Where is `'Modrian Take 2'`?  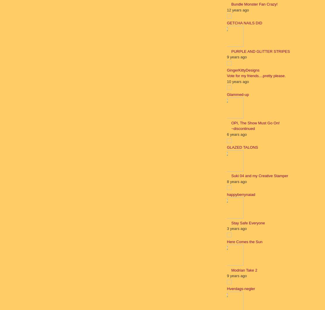
'Modrian Take 2' is located at coordinates (231, 270).